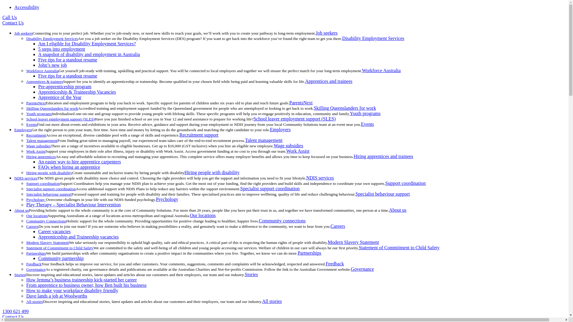 The image size is (573, 322). I want to click on 'Work Assist', so click(286, 151).